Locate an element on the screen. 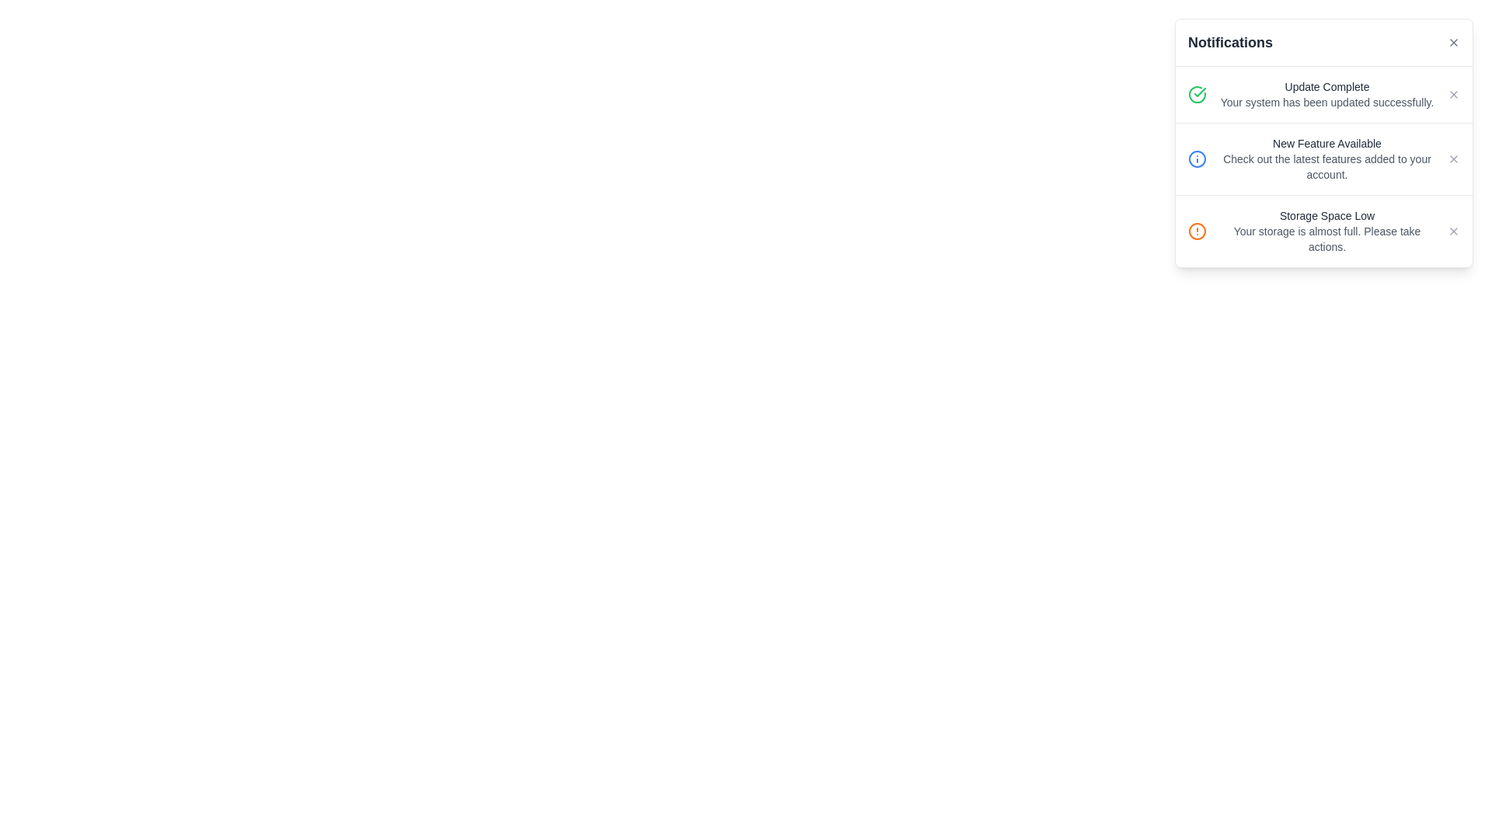 The image size is (1492, 839). the small square button with an 'X' icon located at the top-right corner of the first notification message in the notifications panel is located at coordinates (1453, 95).